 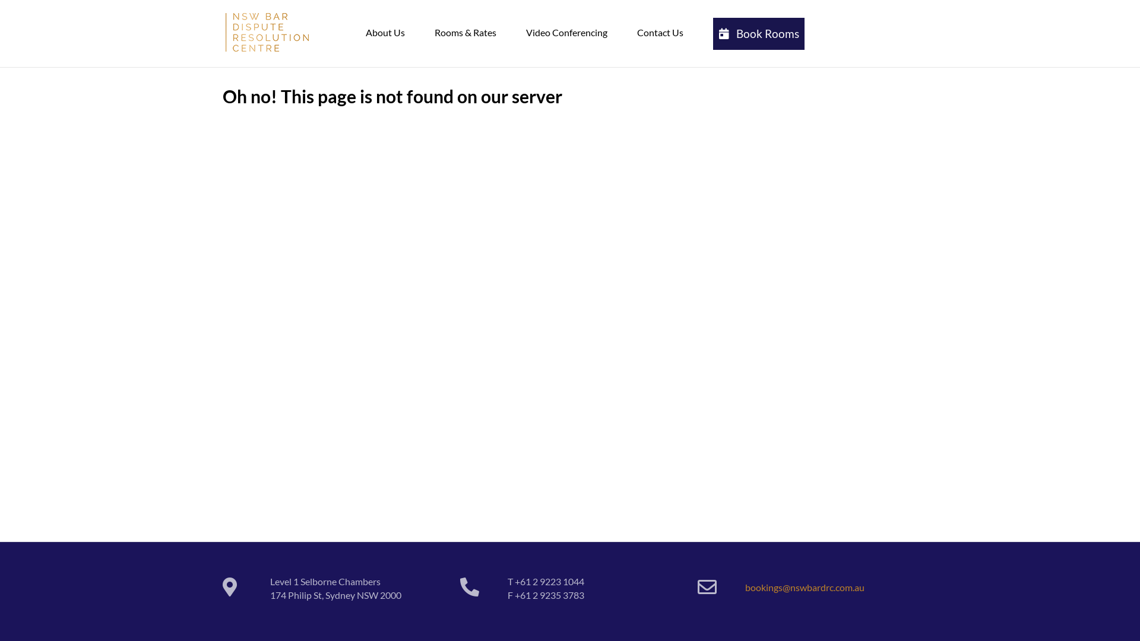 I want to click on 'Rooms & Rates', so click(x=464, y=31).